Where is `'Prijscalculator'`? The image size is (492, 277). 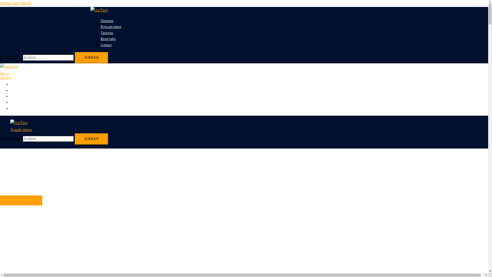
'Prijscalculator' is located at coordinates (110, 27).